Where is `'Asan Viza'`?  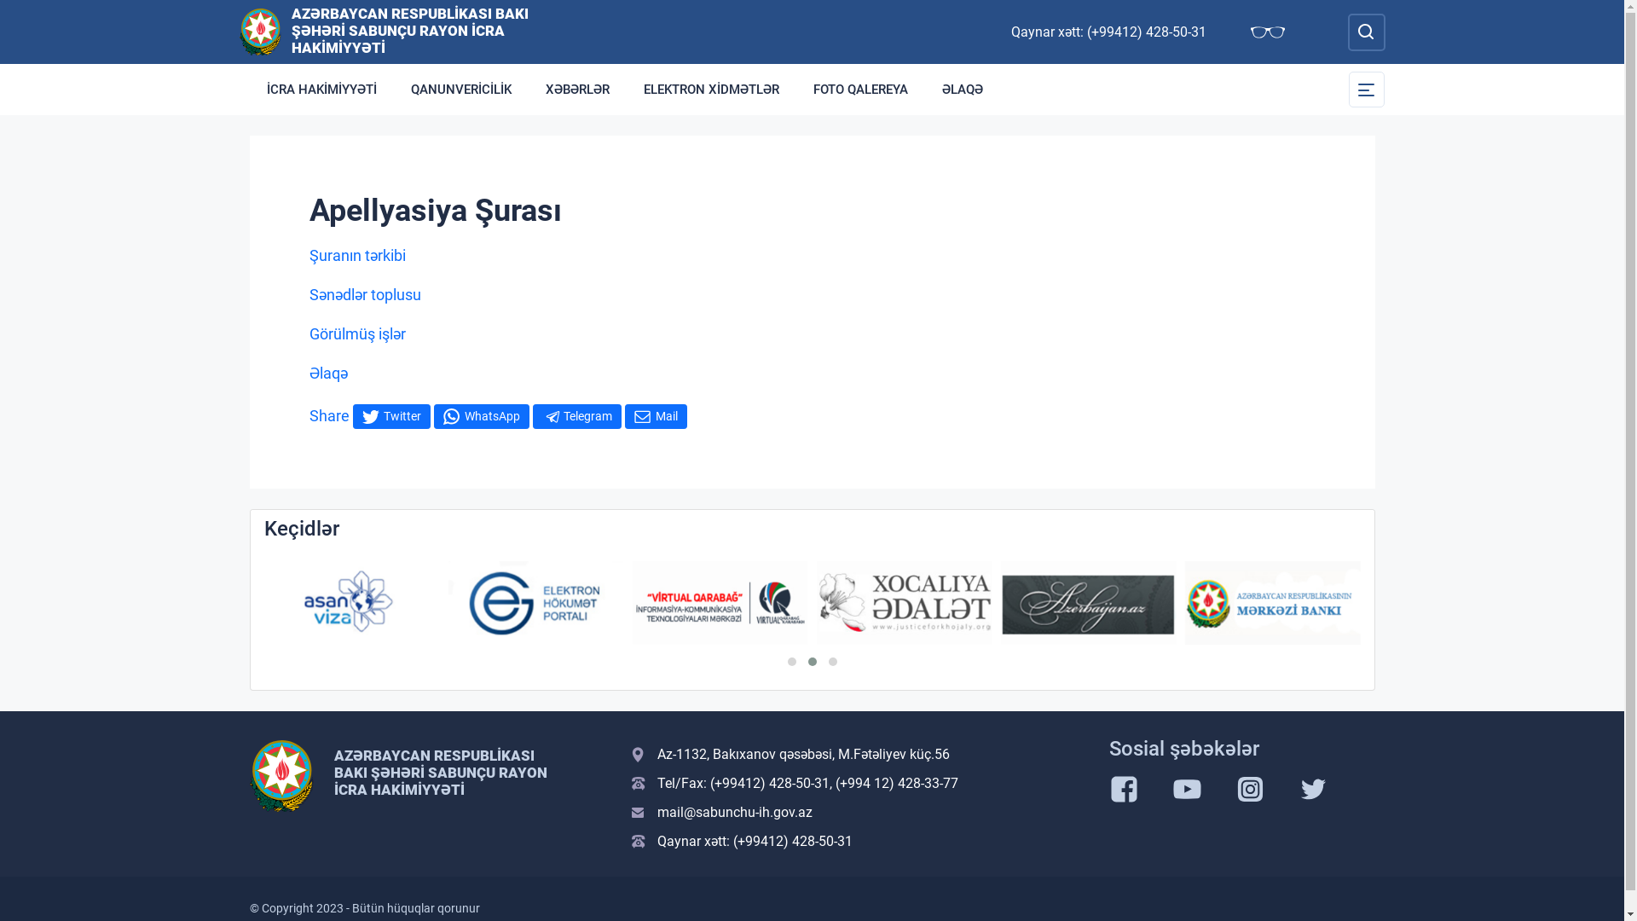
'Asan Viza' is located at coordinates (350, 601).